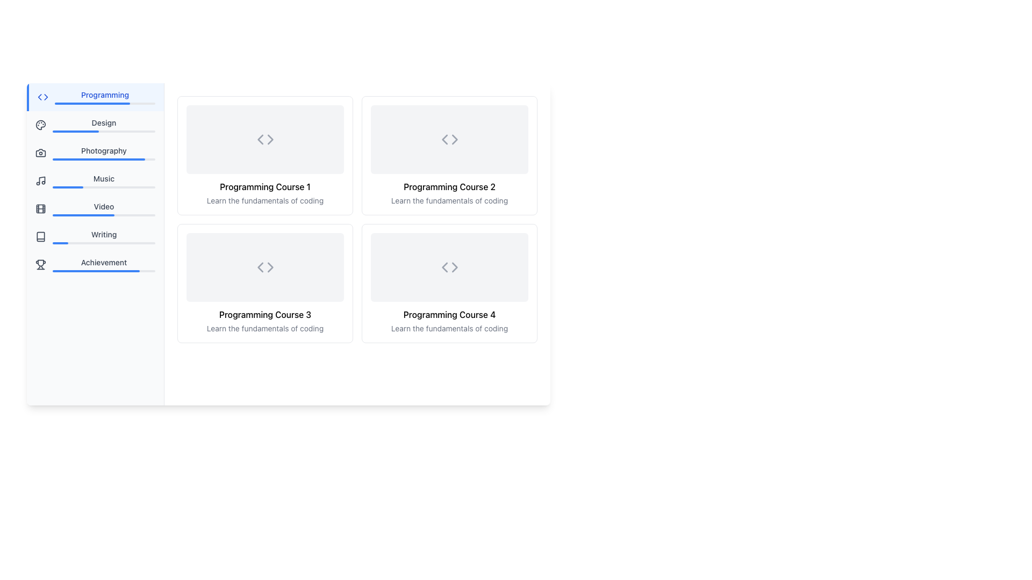 The width and height of the screenshot is (1032, 580). What do you see at coordinates (41, 180) in the screenshot?
I see `the 'Music' icon located in the sidebar menu adjacent to the label 'Music' to interact with the associated menu item` at bounding box center [41, 180].